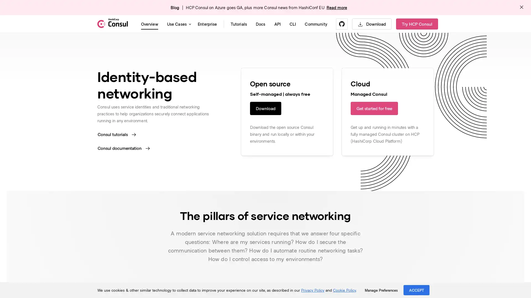 Image resolution: width=531 pixels, height=298 pixels. I want to click on Manage Preferences, so click(381, 290).